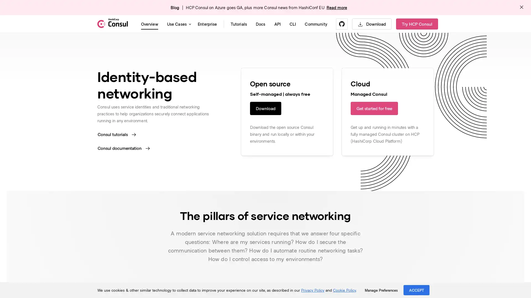 Image resolution: width=531 pixels, height=298 pixels. I want to click on Manage Preferences, so click(381, 290).